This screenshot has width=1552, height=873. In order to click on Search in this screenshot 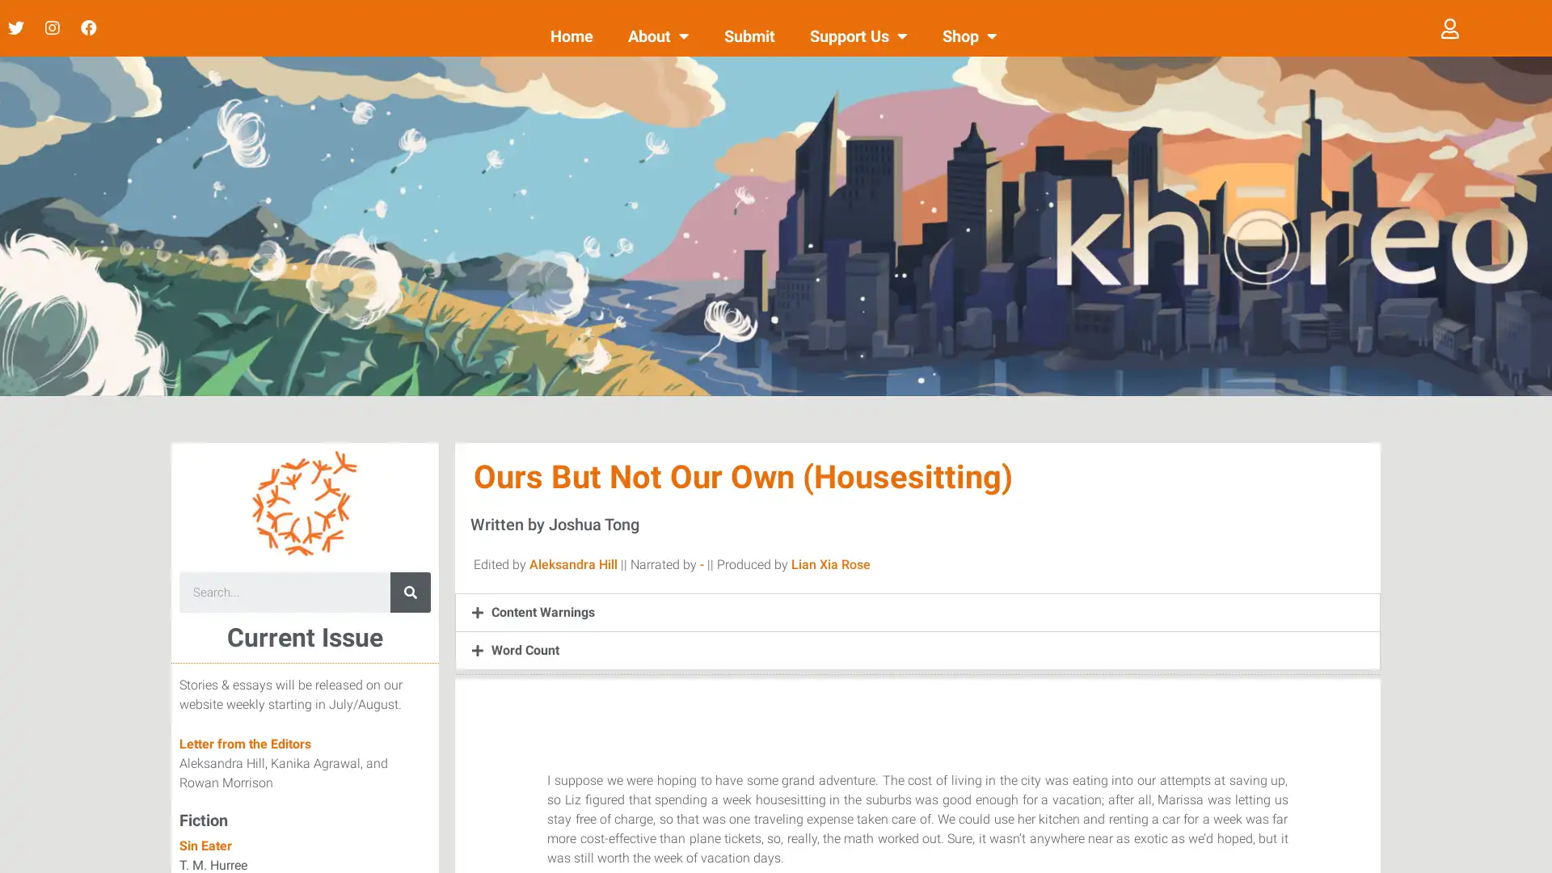, I will do `click(410, 592)`.